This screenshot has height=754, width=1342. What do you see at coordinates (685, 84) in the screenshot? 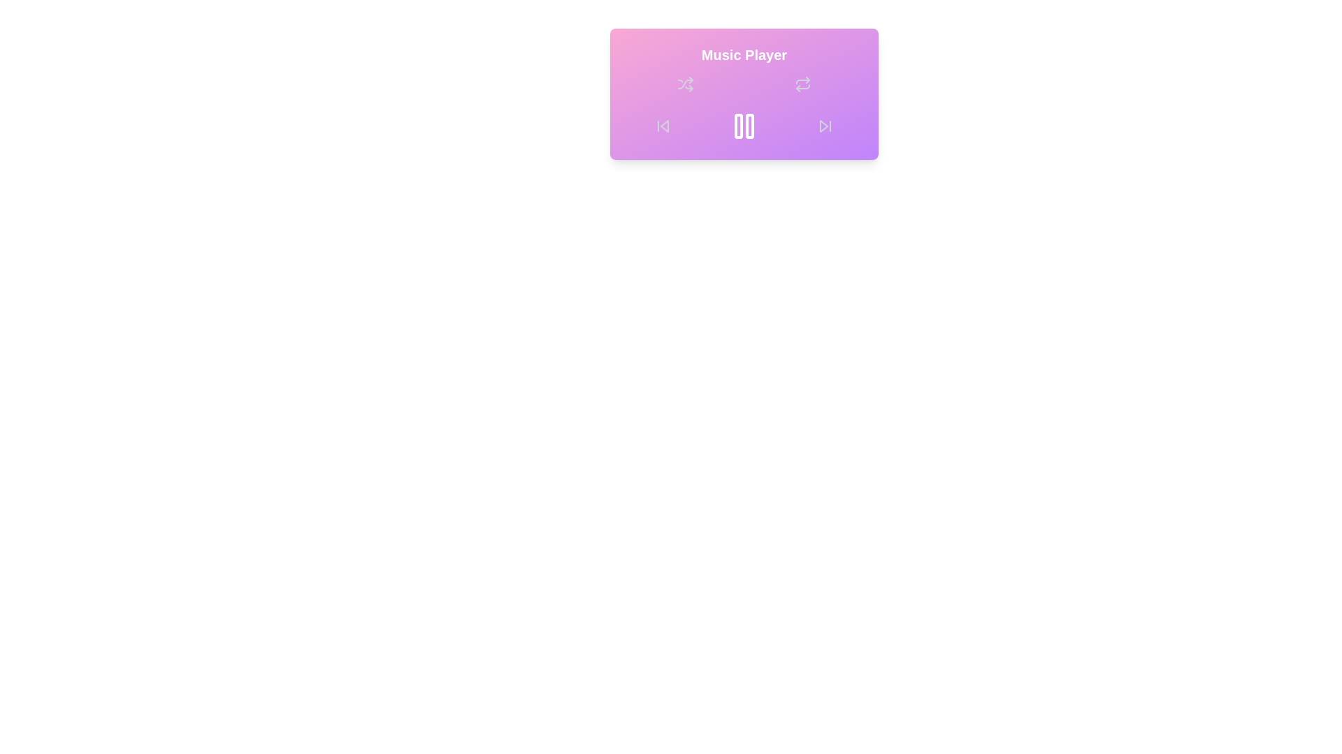
I see `the shuffle button to toggle the shuffle mode` at bounding box center [685, 84].